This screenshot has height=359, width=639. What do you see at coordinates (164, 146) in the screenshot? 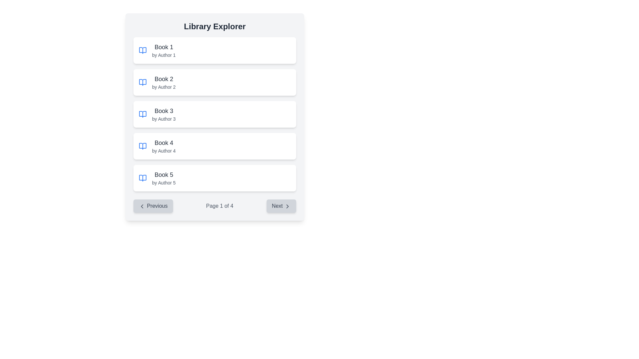
I see `the text of the fourth book information block, which displays the title and author, located under 'Library Explorer', to copy it` at bounding box center [164, 146].